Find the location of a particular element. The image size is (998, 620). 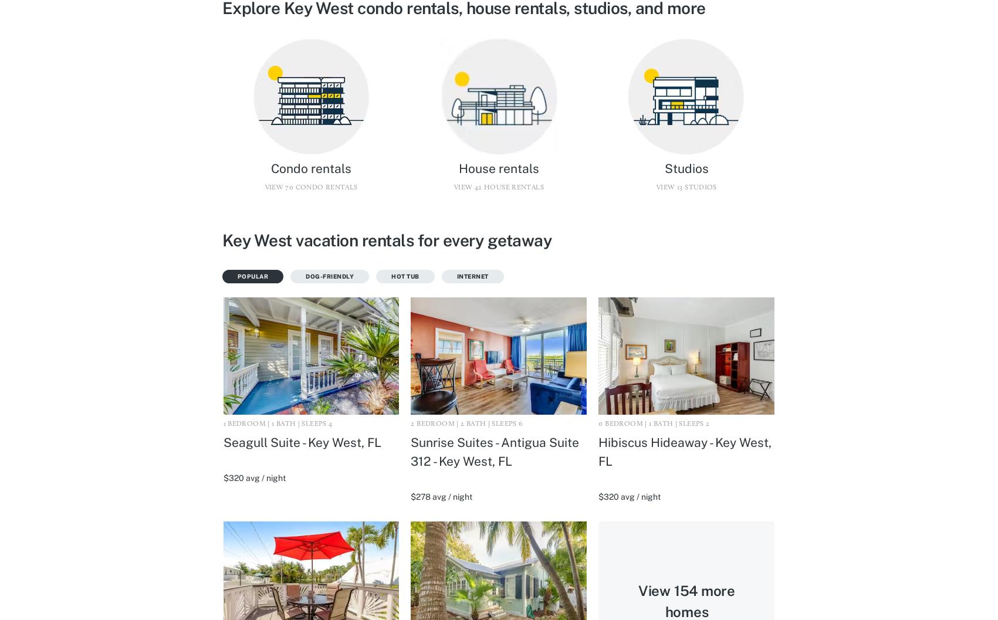

'Popular' is located at coordinates (236, 276).